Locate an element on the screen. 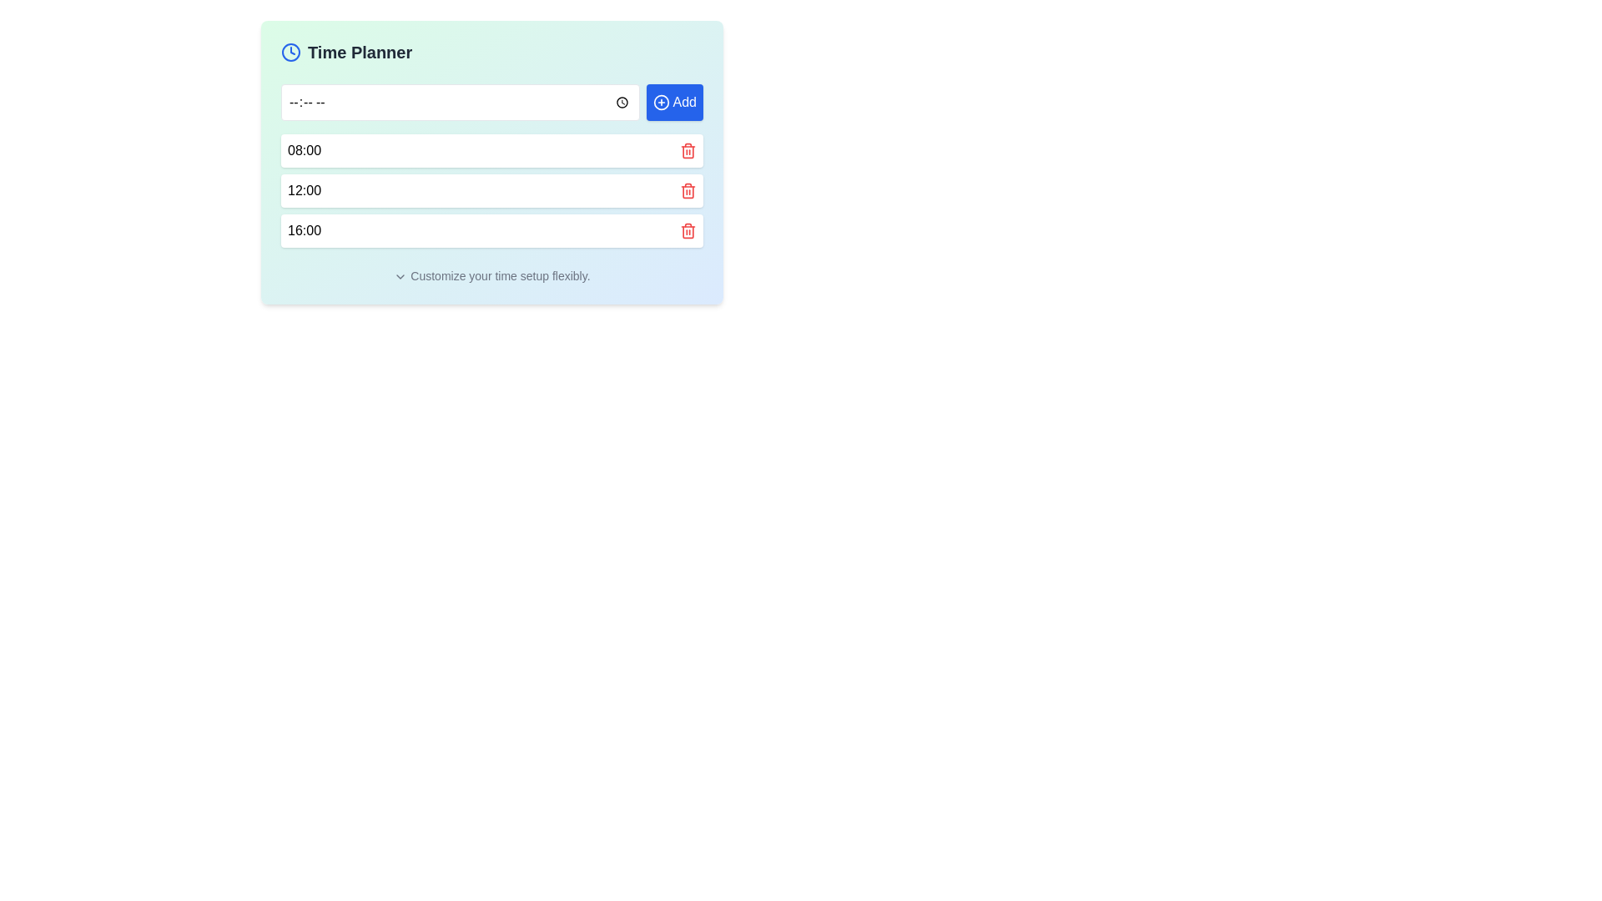 Image resolution: width=1602 pixels, height=901 pixels. 'Time Planner' text label located at the top of the interface, styled in bold black font, to identify the section is located at coordinates (359, 51).